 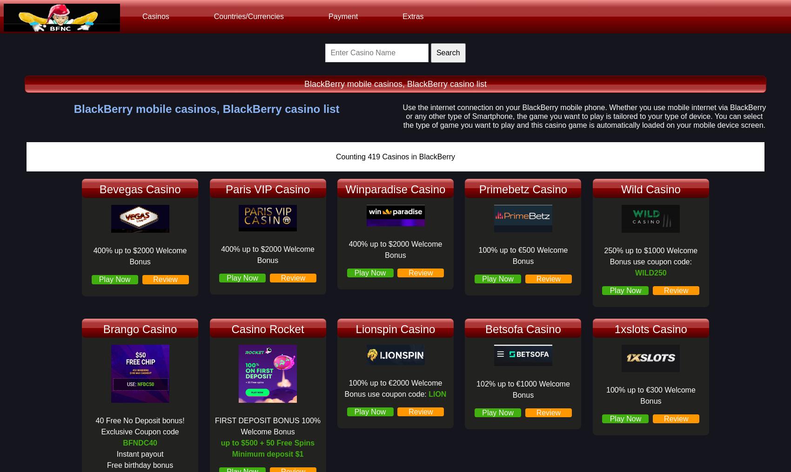 I want to click on 'Casino Rocket', so click(x=231, y=328).